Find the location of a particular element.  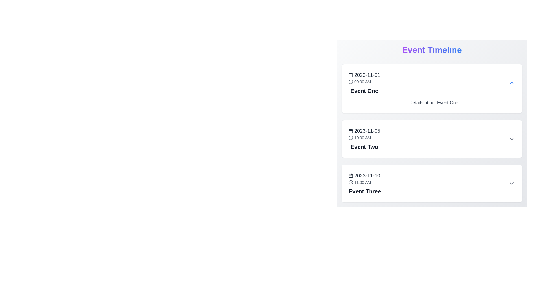

the small clock icon with a minimalist design located to the left of the text '11:00 AM' in the 'Event Three' section of the timeline is located at coordinates (351, 182).